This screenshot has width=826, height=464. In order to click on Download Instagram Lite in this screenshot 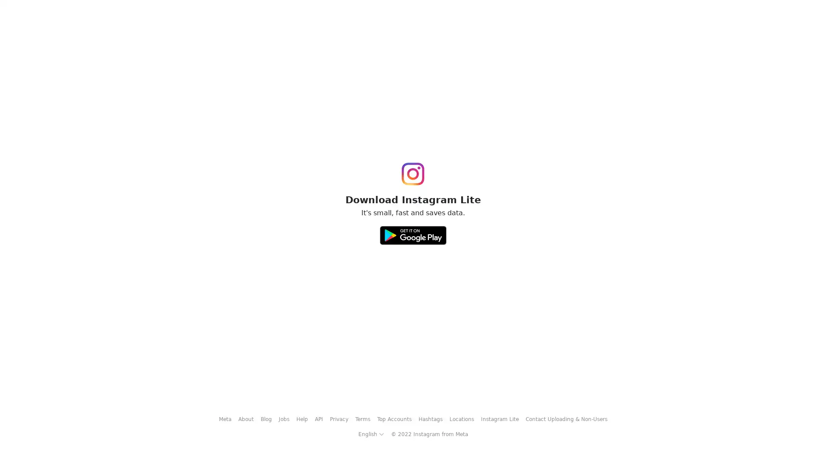, I will do `click(412, 232)`.